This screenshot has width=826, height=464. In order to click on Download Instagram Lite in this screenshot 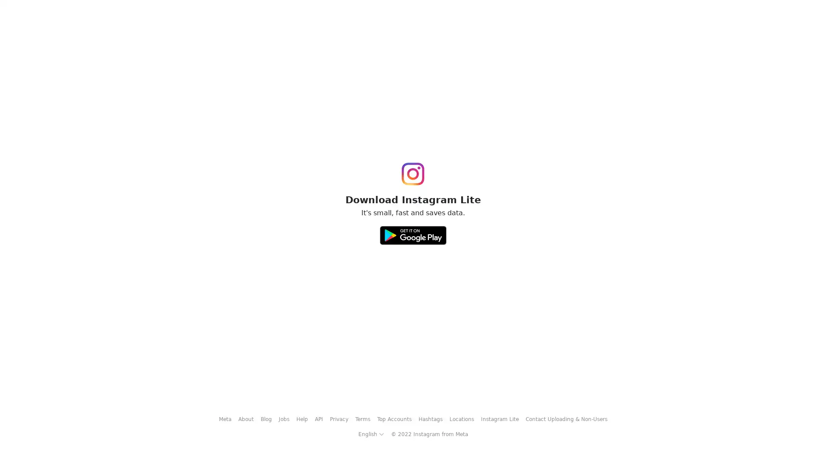, I will do `click(412, 232)`.